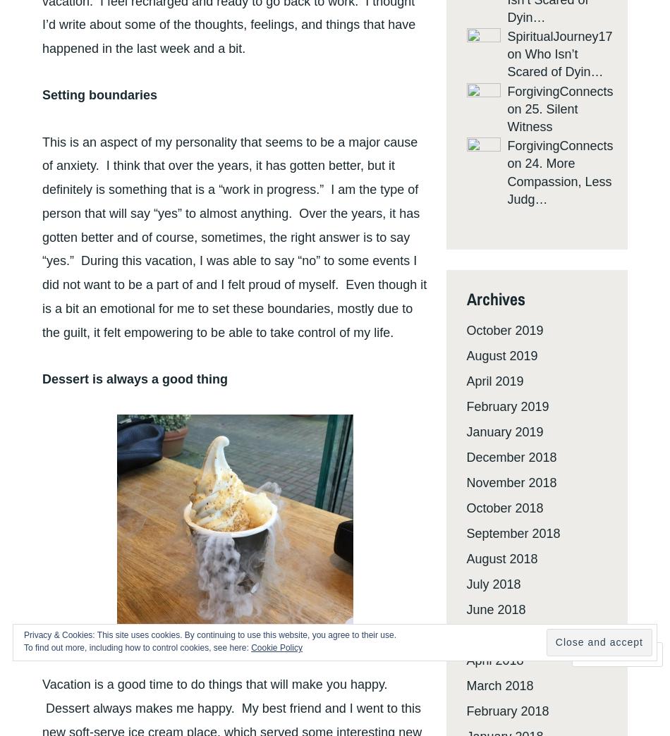 The image size is (670, 736). Describe the element at coordinates (542, 117) in the screenshot. I see `'25. Silent Witness'` at that location.